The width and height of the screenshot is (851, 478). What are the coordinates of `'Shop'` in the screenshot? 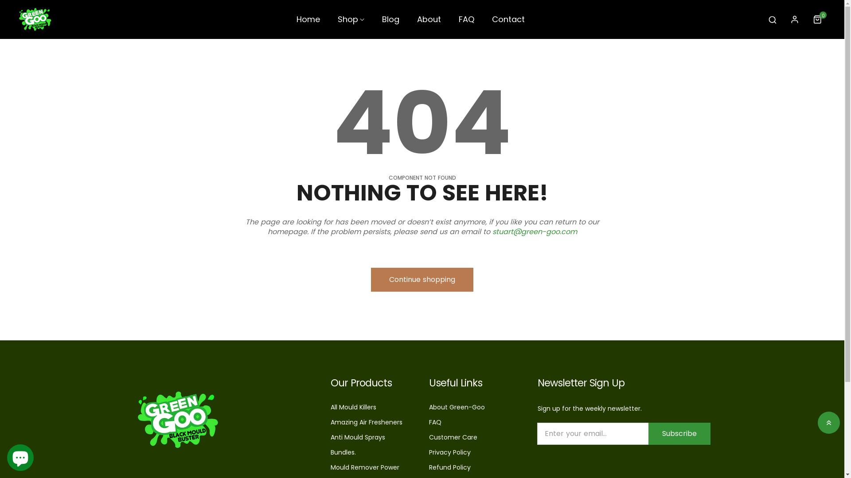 It's located at (351, 23).